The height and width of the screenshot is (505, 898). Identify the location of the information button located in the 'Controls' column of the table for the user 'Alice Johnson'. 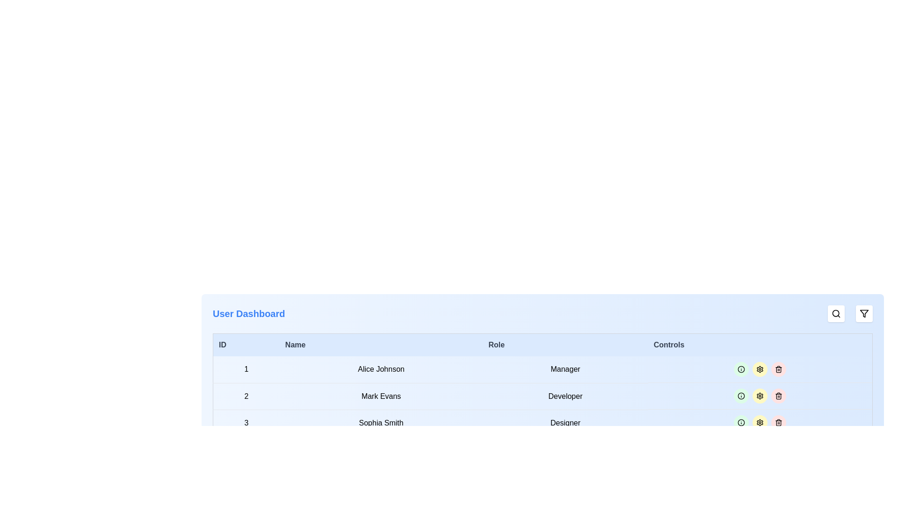
(740, 369).